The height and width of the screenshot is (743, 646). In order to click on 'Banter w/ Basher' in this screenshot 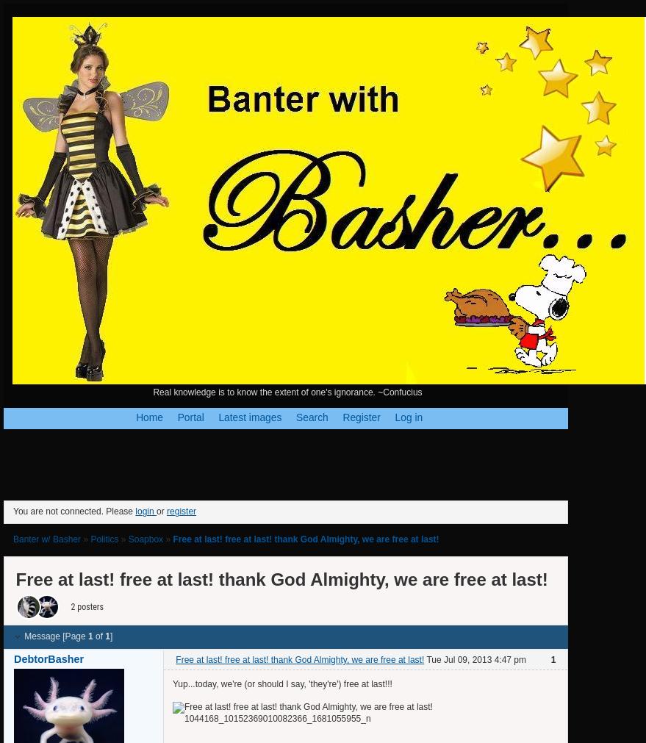, I will do `click(12, 538)`.